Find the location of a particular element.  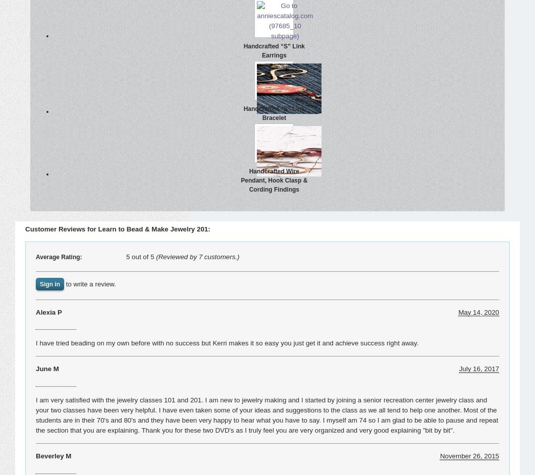

'Customer Reviews for Learn to Bead & Make Jewelry 201:' is located at coordinates (117, 228).